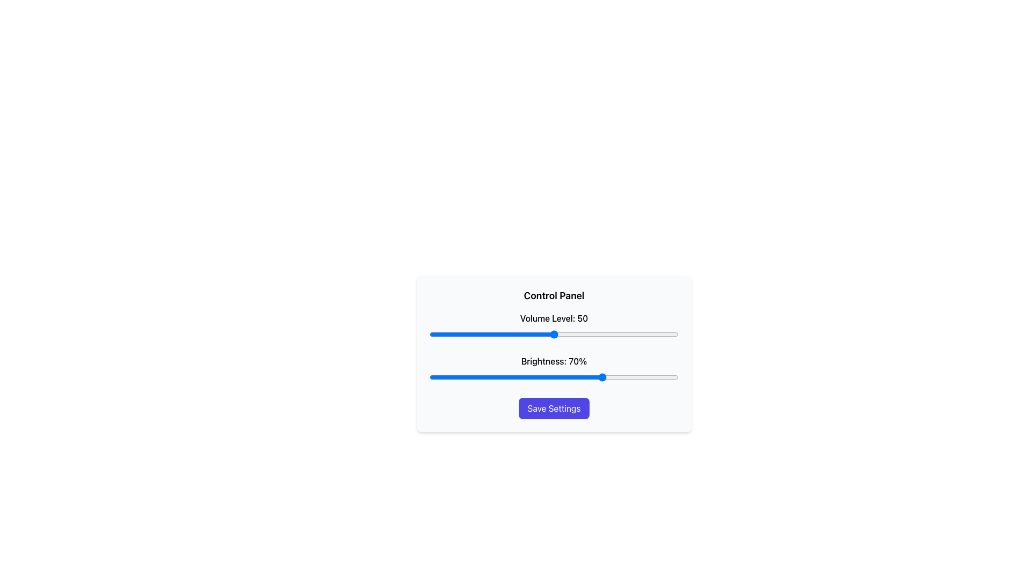 The image size is (1030, 579). Describe the element at coordinates (481, 334) in the screenshot. I see `the volume level` at that location.